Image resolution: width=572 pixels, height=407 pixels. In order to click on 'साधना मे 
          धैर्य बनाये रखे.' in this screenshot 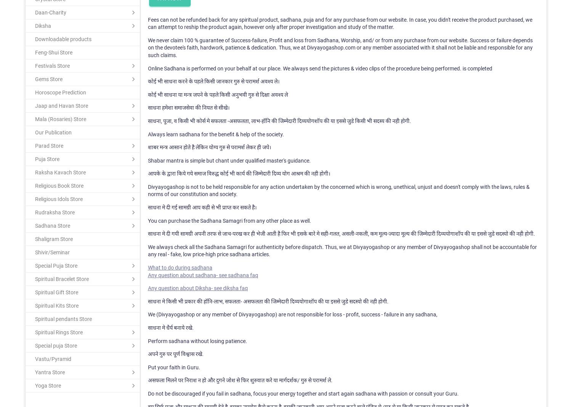, I will do `click(170, 327)`.